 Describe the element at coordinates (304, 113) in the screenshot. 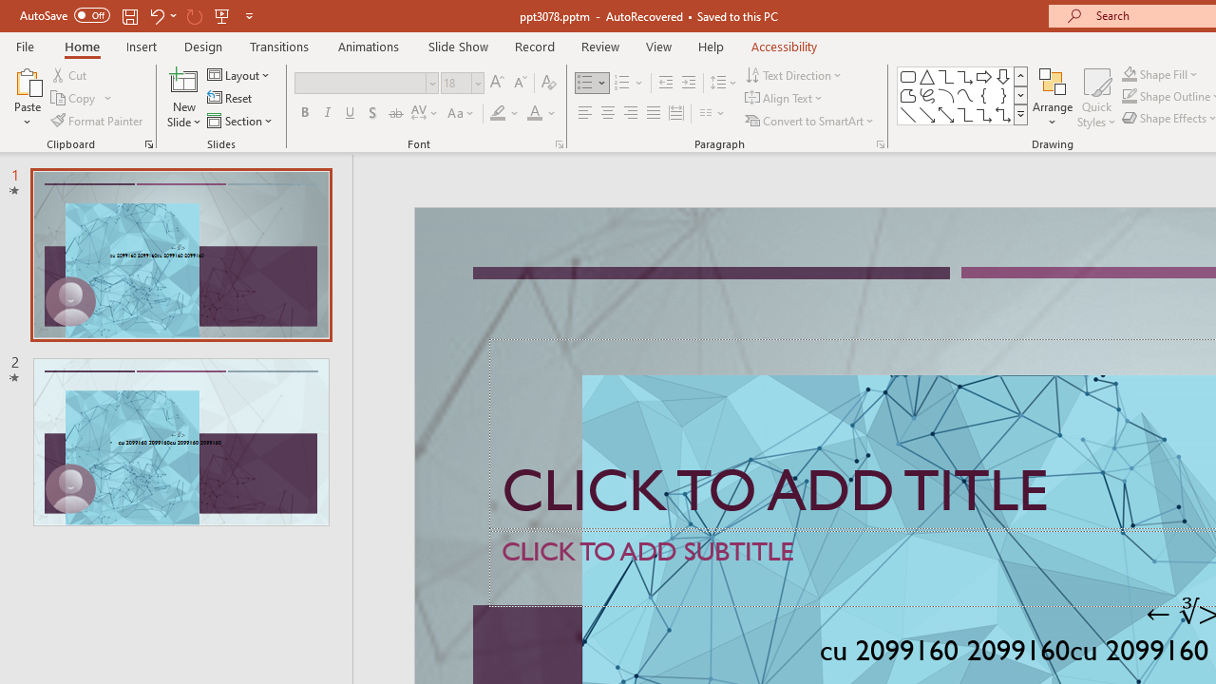

I see `'Bold'` at that location.